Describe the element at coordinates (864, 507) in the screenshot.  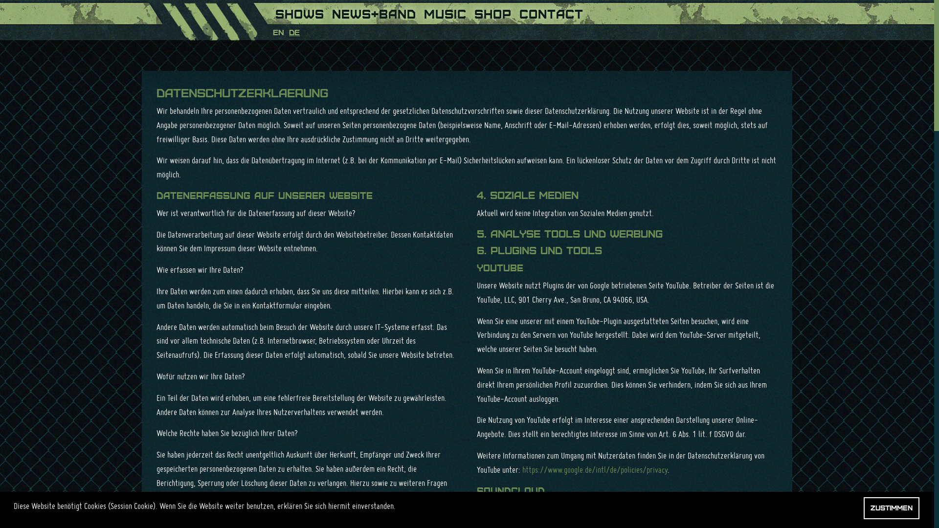
I see `'Zustimmen'` at that location.